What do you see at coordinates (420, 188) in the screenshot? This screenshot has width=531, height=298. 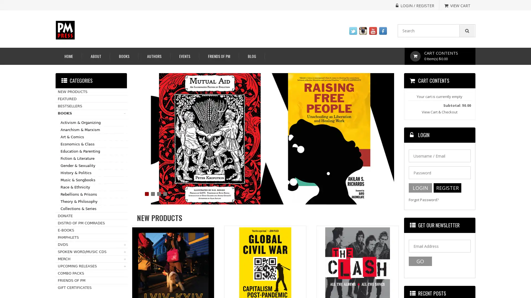 I see `Login` at bounding box center [420, 188].